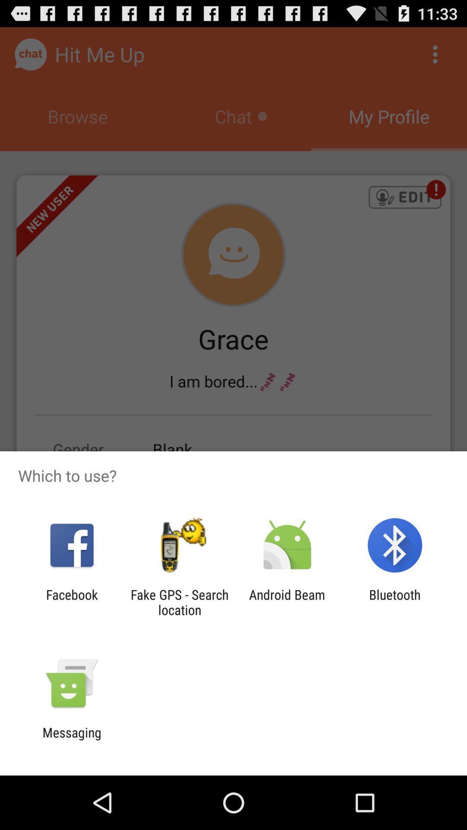 The image size is (467, 830). What do you see at coordinates (287, 602) in the screenshot?
I see `item next to bluetooth item` at bounding box center [287, 602].